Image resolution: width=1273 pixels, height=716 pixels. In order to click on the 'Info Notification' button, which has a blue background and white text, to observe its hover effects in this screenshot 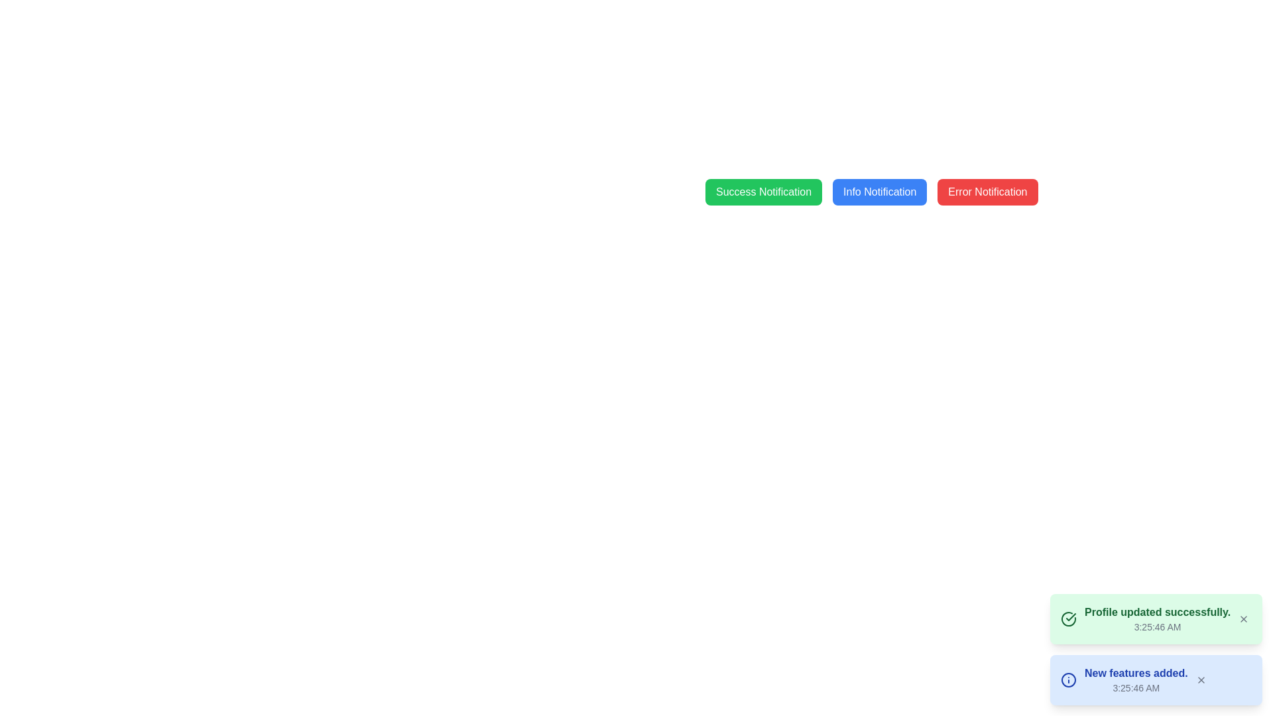, I will do `click(880, 192)`.